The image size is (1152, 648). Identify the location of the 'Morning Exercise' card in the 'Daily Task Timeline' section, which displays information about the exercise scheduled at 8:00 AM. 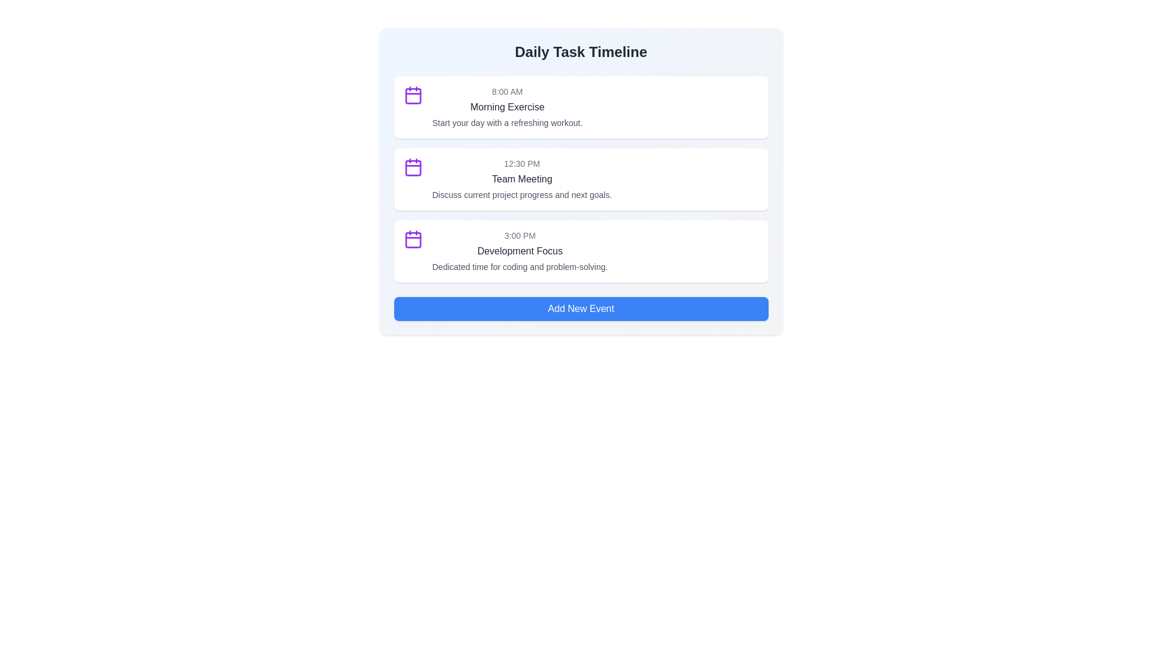
(581, 106).